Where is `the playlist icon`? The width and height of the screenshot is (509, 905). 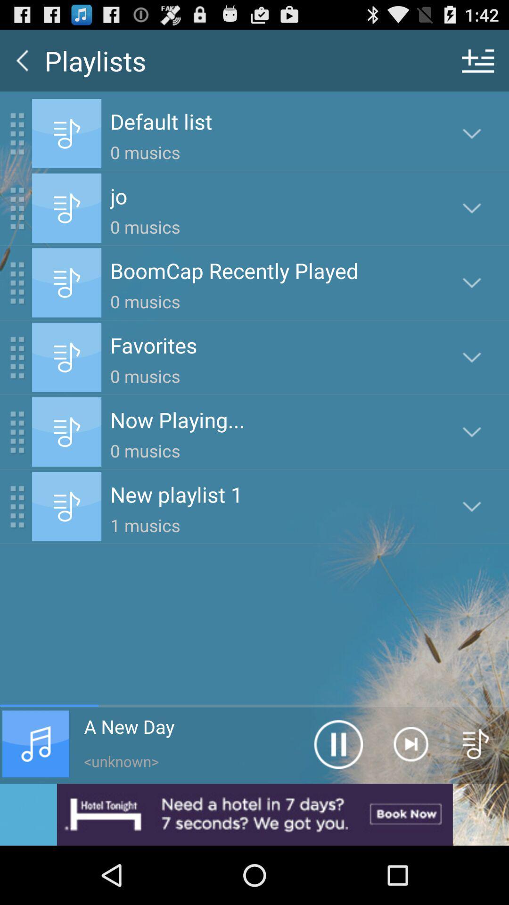
the playlist icon is located at coordinates (476, 796).